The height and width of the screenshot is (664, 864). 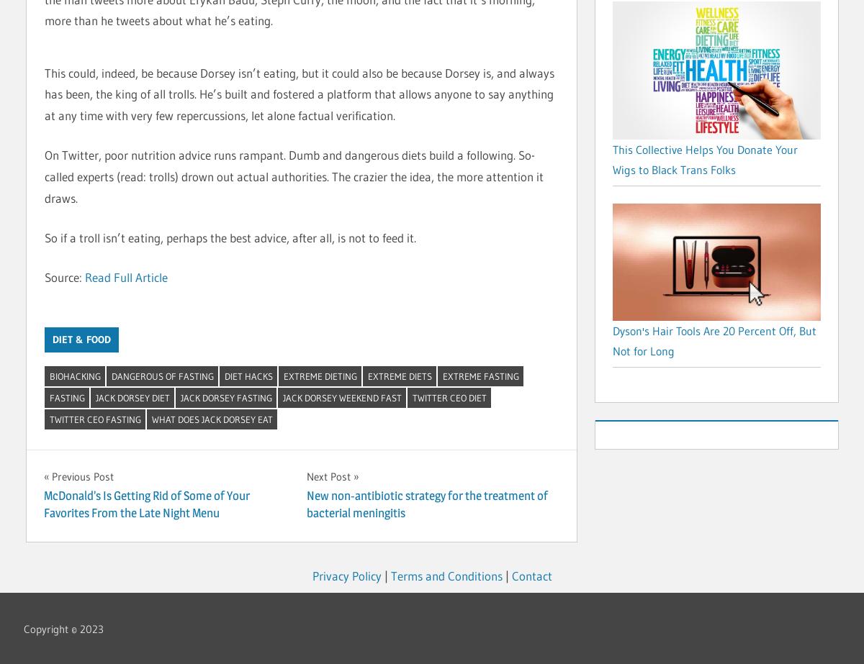 What do you see at coordinates (65, 277) in the screenshot?
I see `'Source:'` at bounding box center [65, 277].